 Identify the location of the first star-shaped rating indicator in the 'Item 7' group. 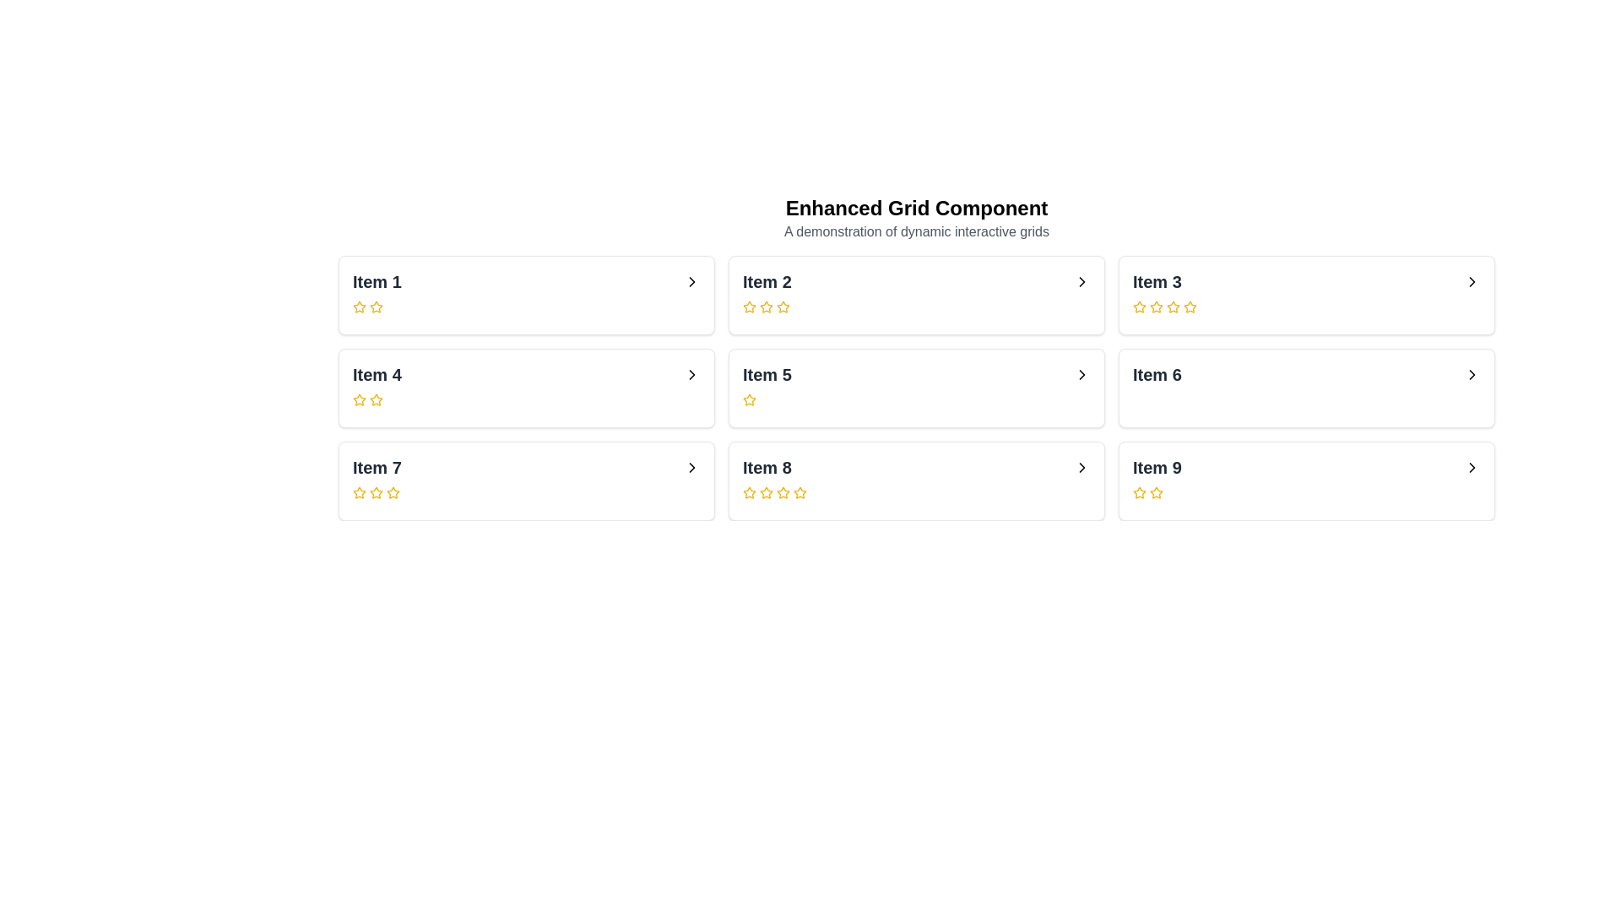
(359, 492).